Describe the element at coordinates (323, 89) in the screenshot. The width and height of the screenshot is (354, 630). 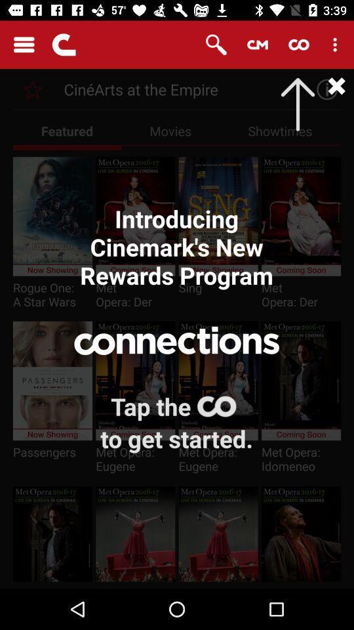
I see `advertisement` at that location.